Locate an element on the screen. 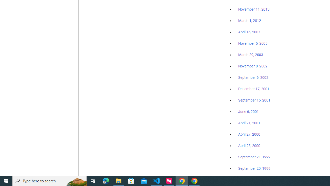 The height and width of the screenshot is (186, 330). 'March 29, 2003' is located at coordinates (251, 55).